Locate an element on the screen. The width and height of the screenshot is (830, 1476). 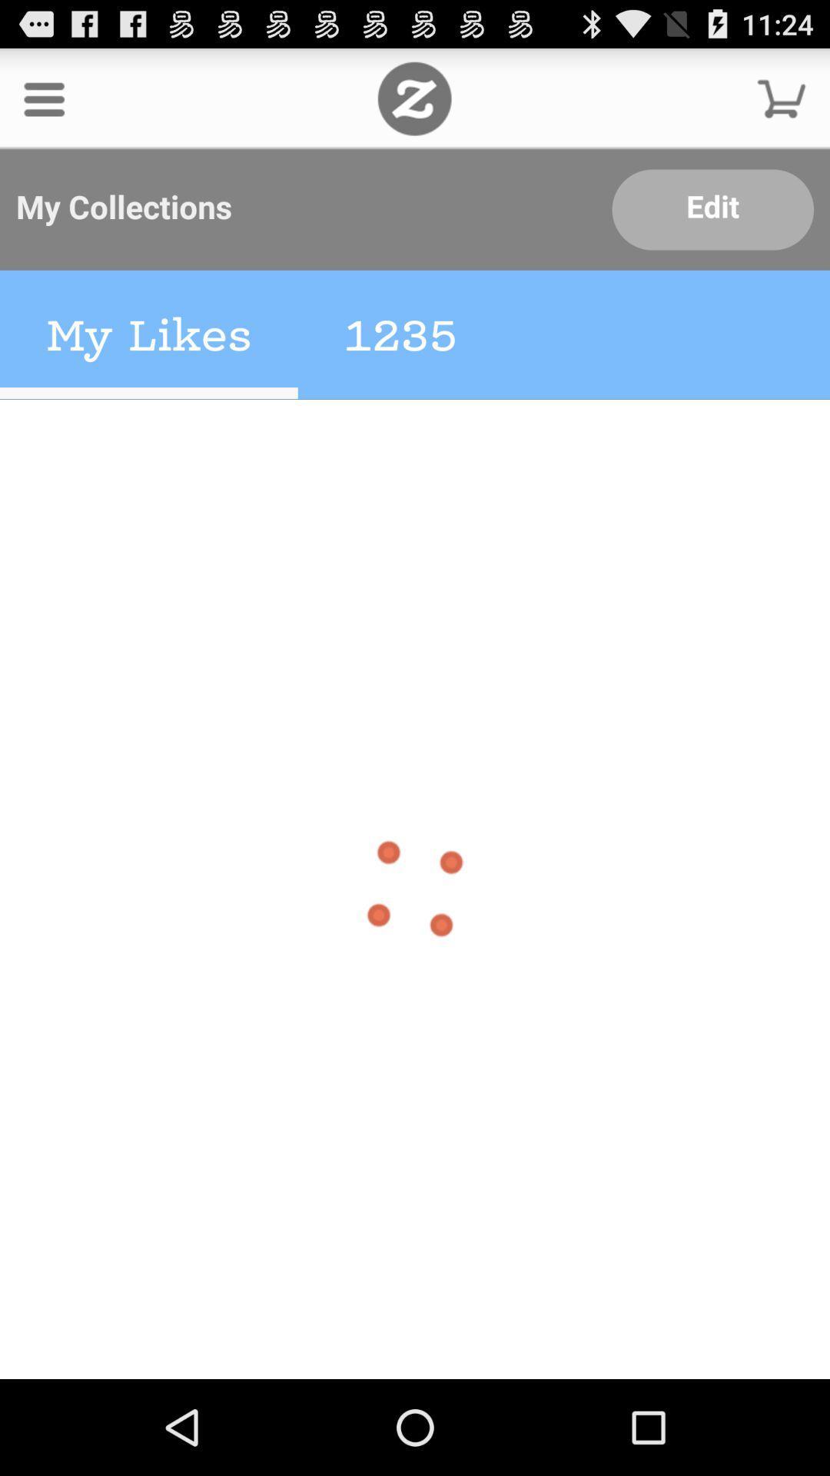
the cart icon is located at coordinates (782, 105).